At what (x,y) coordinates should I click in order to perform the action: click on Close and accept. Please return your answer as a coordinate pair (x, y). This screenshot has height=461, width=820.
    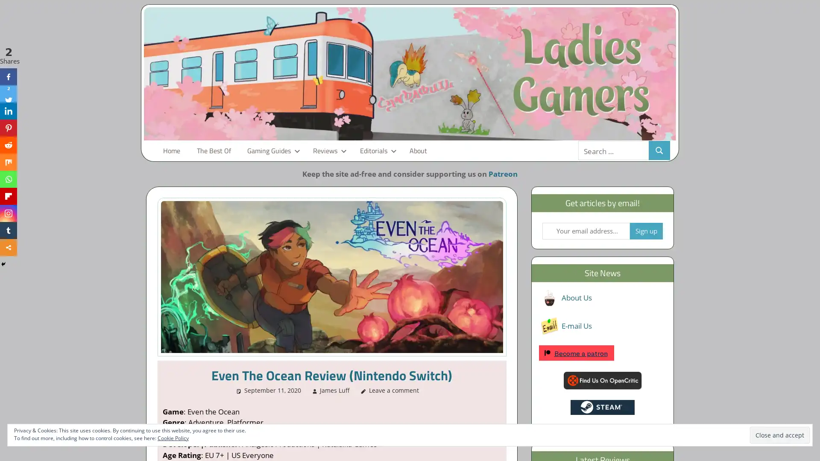
    Looking at the image, I should click on (779, 435).